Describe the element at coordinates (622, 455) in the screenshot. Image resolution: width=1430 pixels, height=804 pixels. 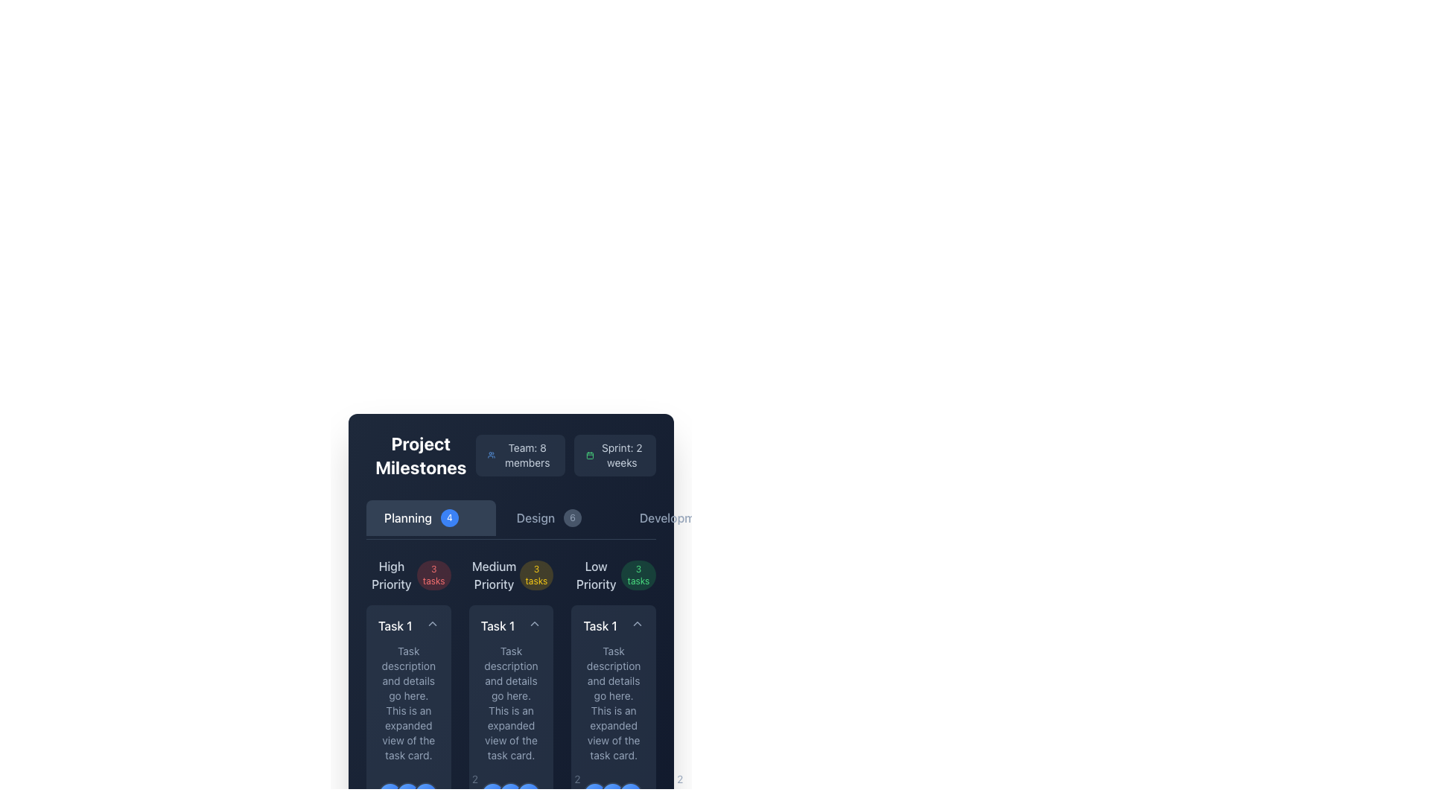
I see `information displayed on the text label indicating the sprint duration, located in the top-right corner of the project milestones panel, next to the 'Team: 8 members' label` at that location.